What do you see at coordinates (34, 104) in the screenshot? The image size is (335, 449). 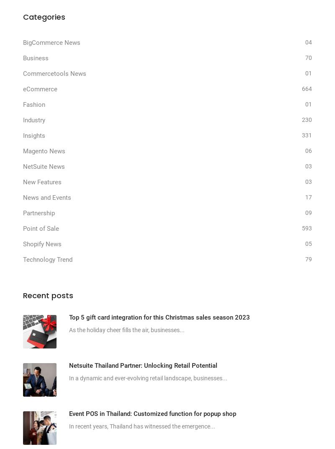 I see `'Fashion'` at bounding box center [34, 104].